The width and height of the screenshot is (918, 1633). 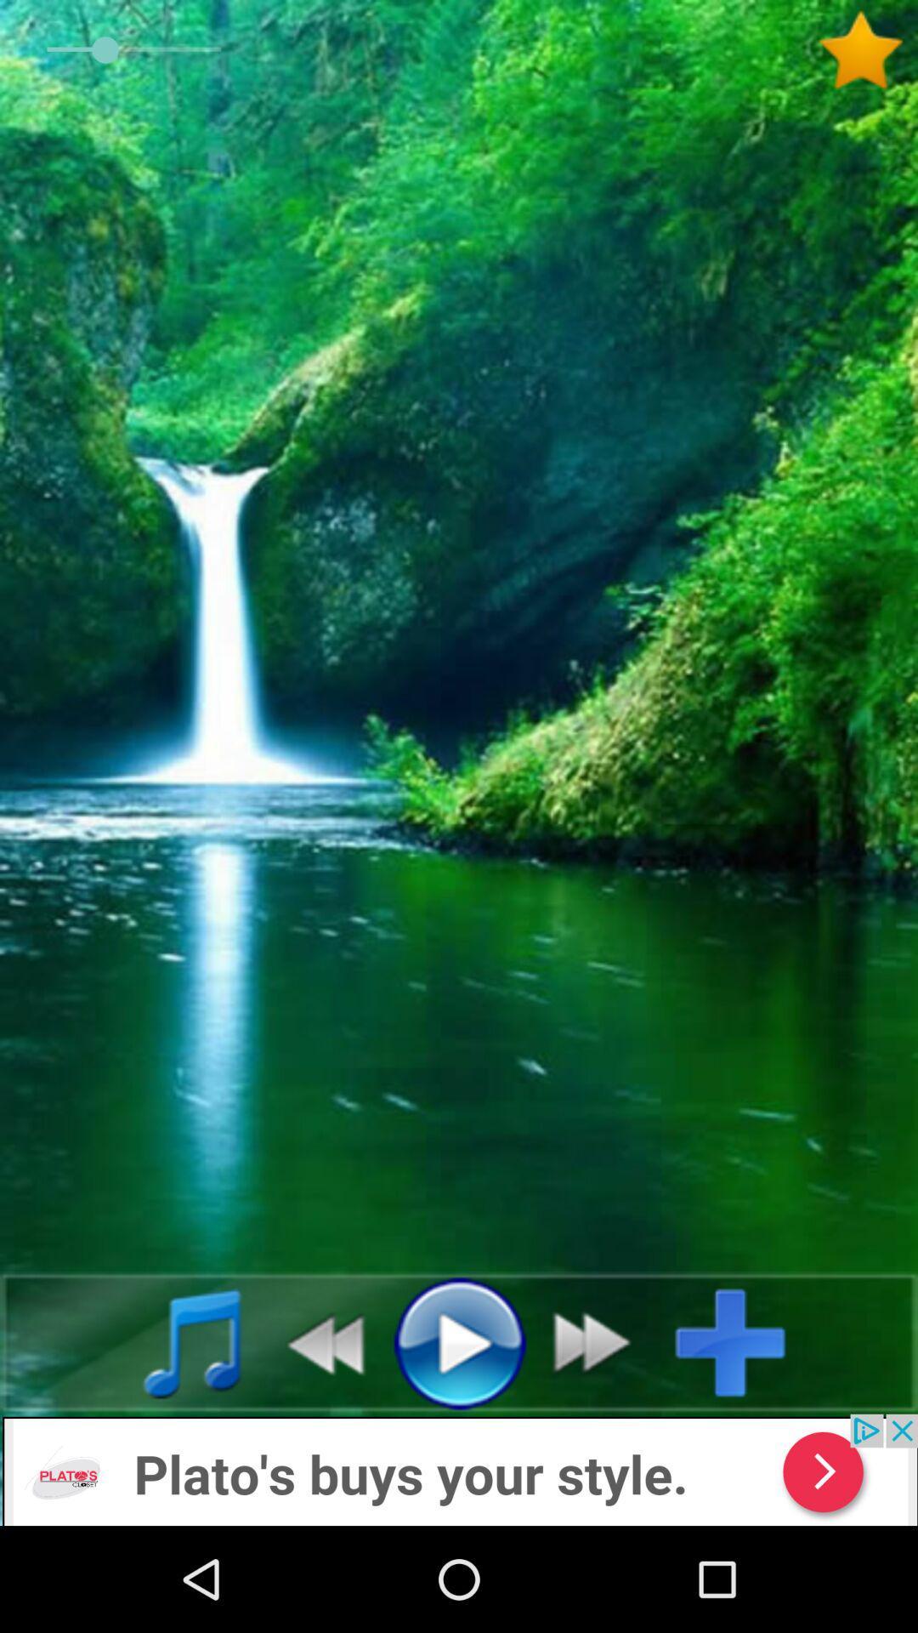 I want to click on advertisement, so click(x=459, y=1469).